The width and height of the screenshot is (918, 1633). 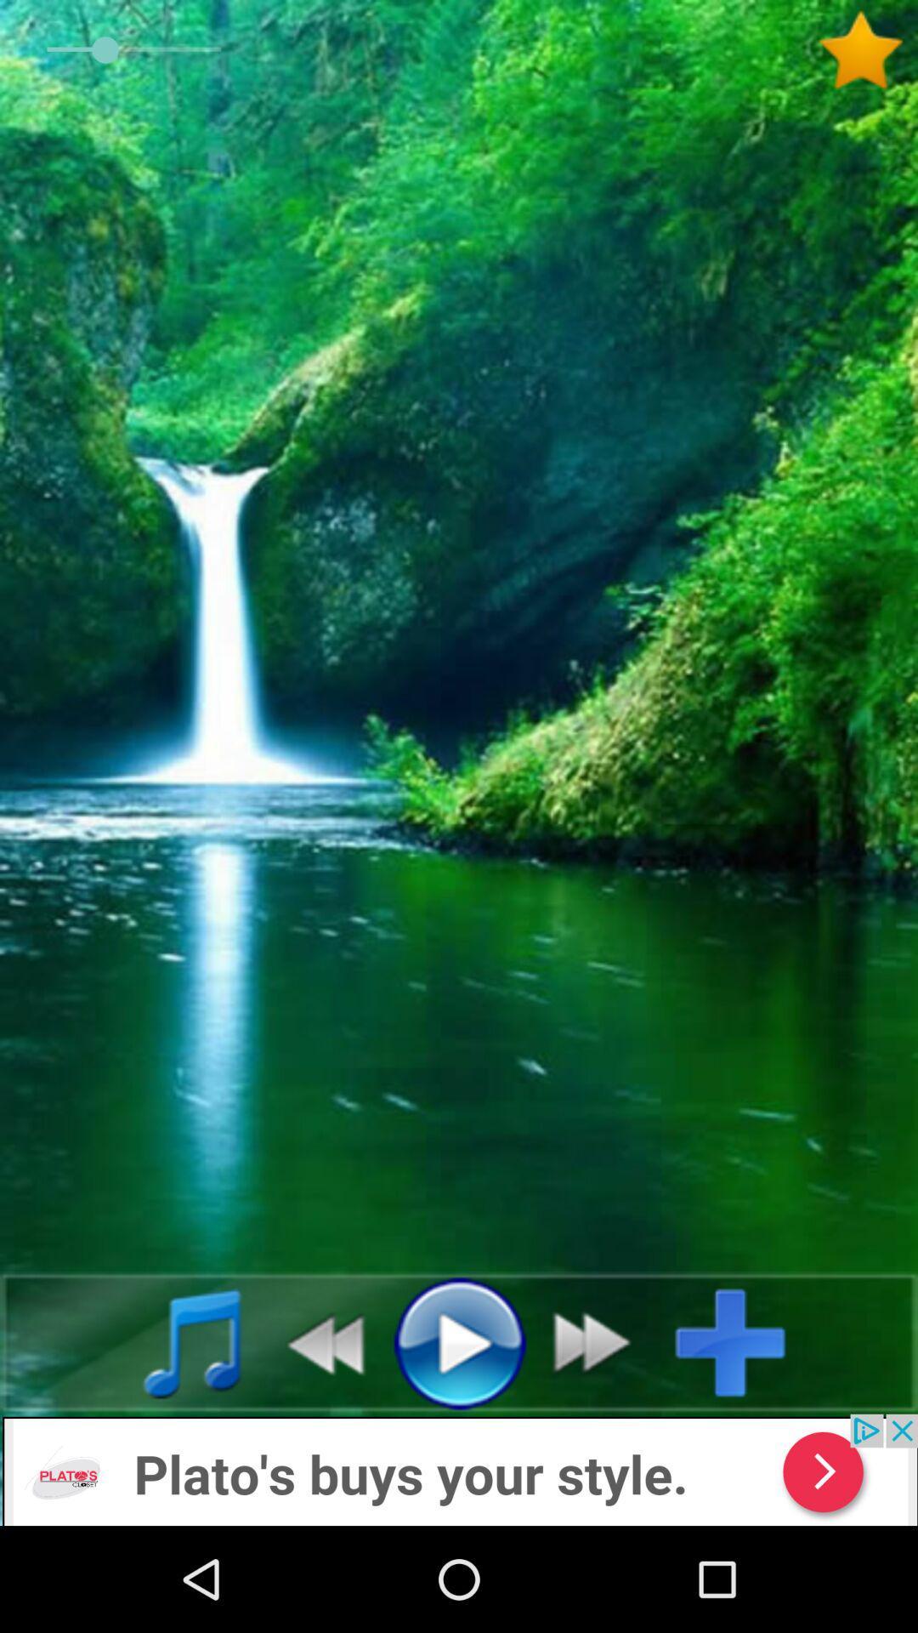 I want to click on advertisement, so click(x=459, y=1469).